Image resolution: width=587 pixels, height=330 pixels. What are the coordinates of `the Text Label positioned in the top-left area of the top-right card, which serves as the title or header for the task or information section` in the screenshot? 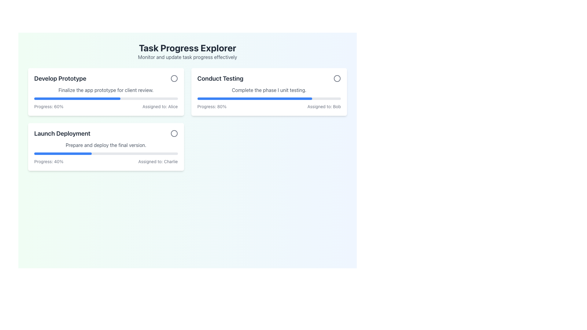 It's located at (220, 78).